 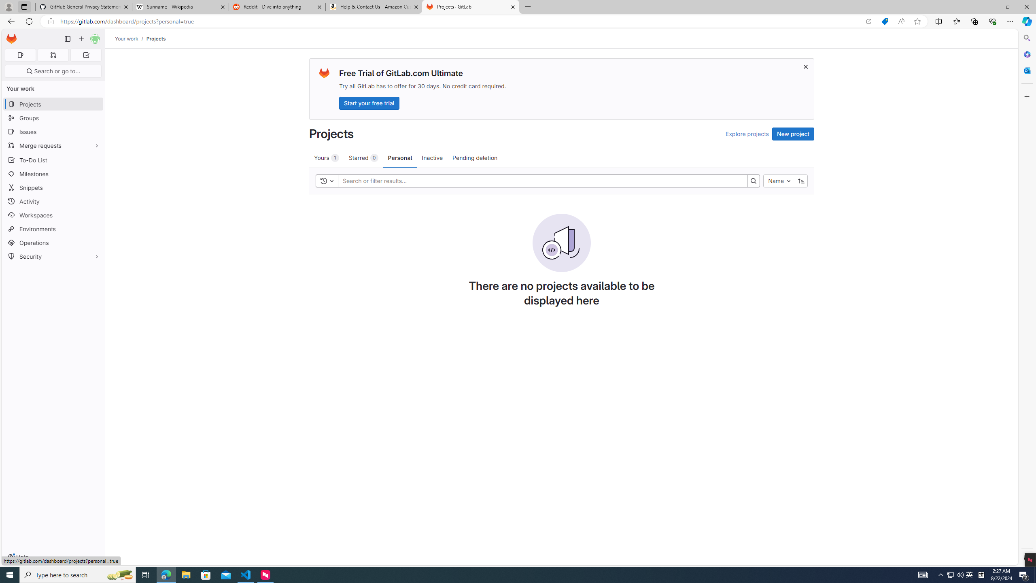 What do you see at coordinates (53, 255) in the screenshot?
I see `'Security'` at bounding box center [53, 255].